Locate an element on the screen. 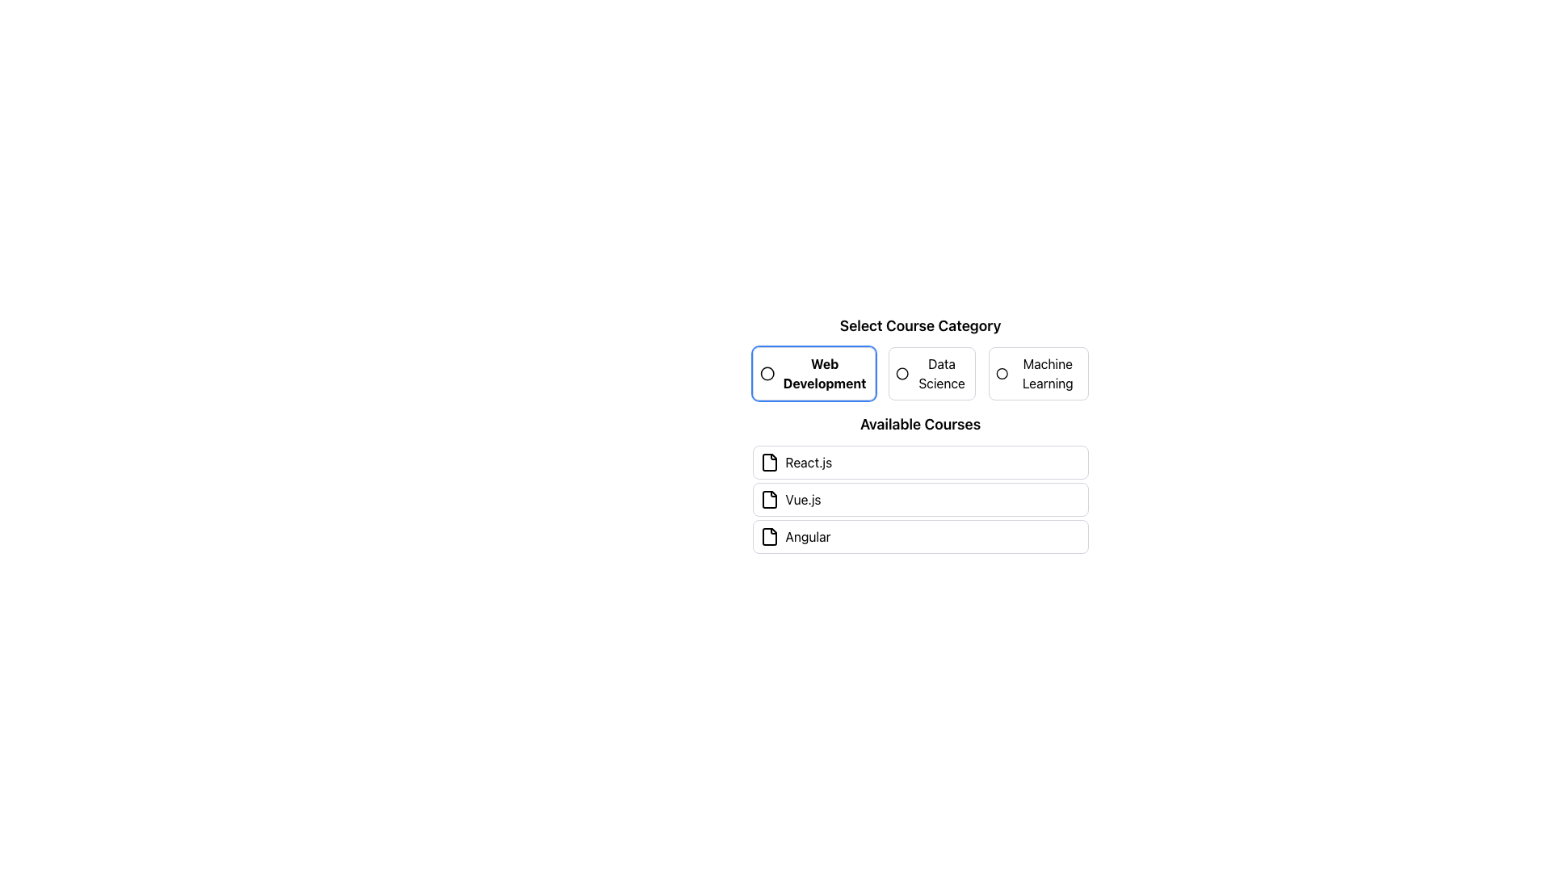 Image resolution: width=1551 pixels, height=872 pixels. the third radio button labeled 'Machine Learning' under the 'Select Course Category' heading to activate the category is located at coordinates (1038, 373).